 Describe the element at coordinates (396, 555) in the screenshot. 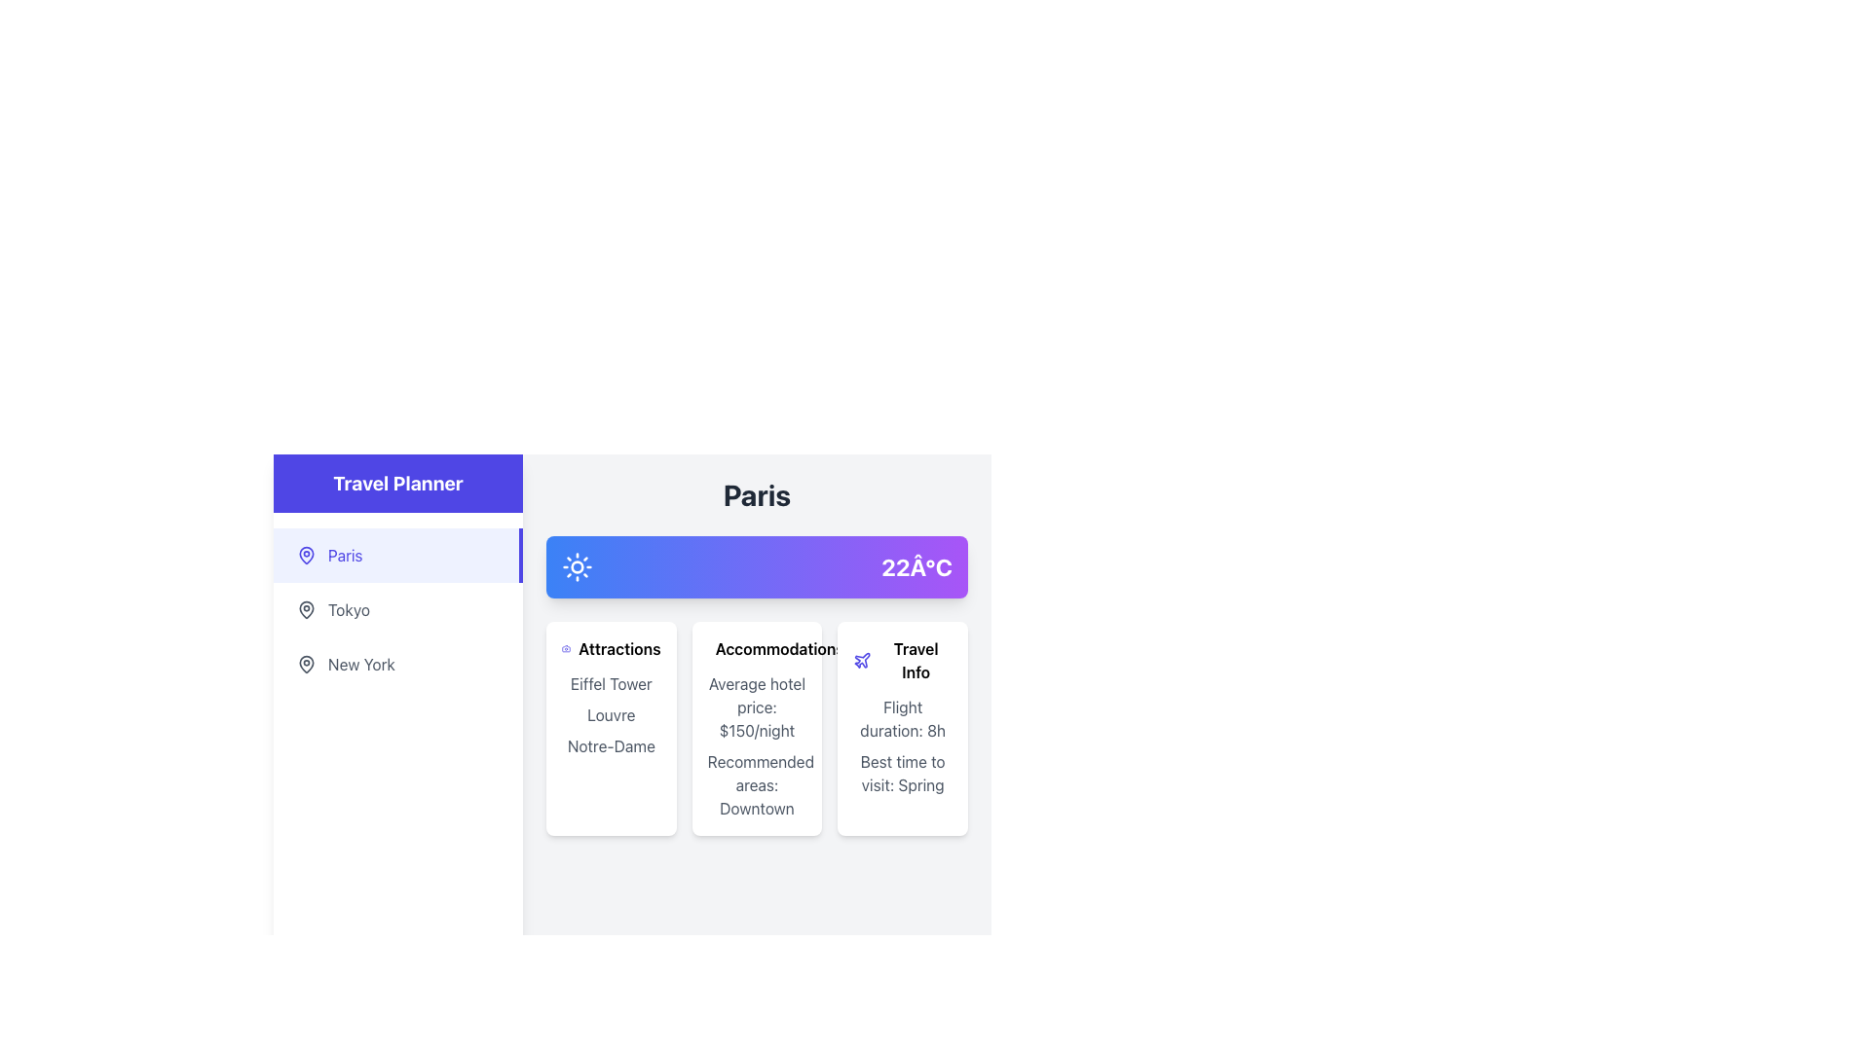

I see `the 'Paris' button` at that location.